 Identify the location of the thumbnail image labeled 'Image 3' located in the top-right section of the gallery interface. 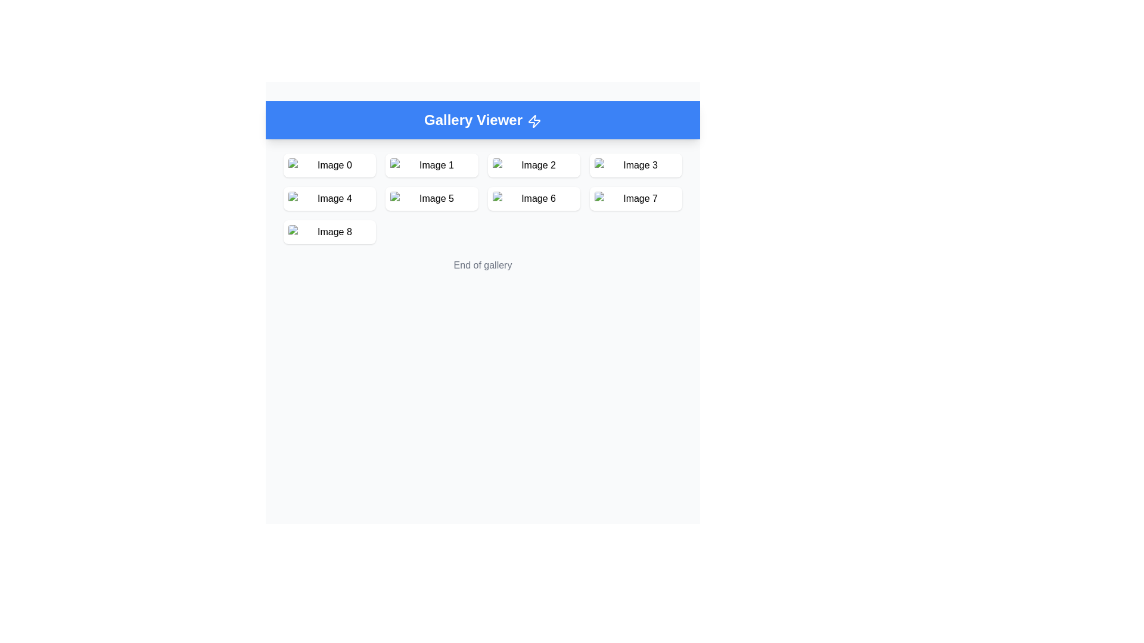
(635, 165).